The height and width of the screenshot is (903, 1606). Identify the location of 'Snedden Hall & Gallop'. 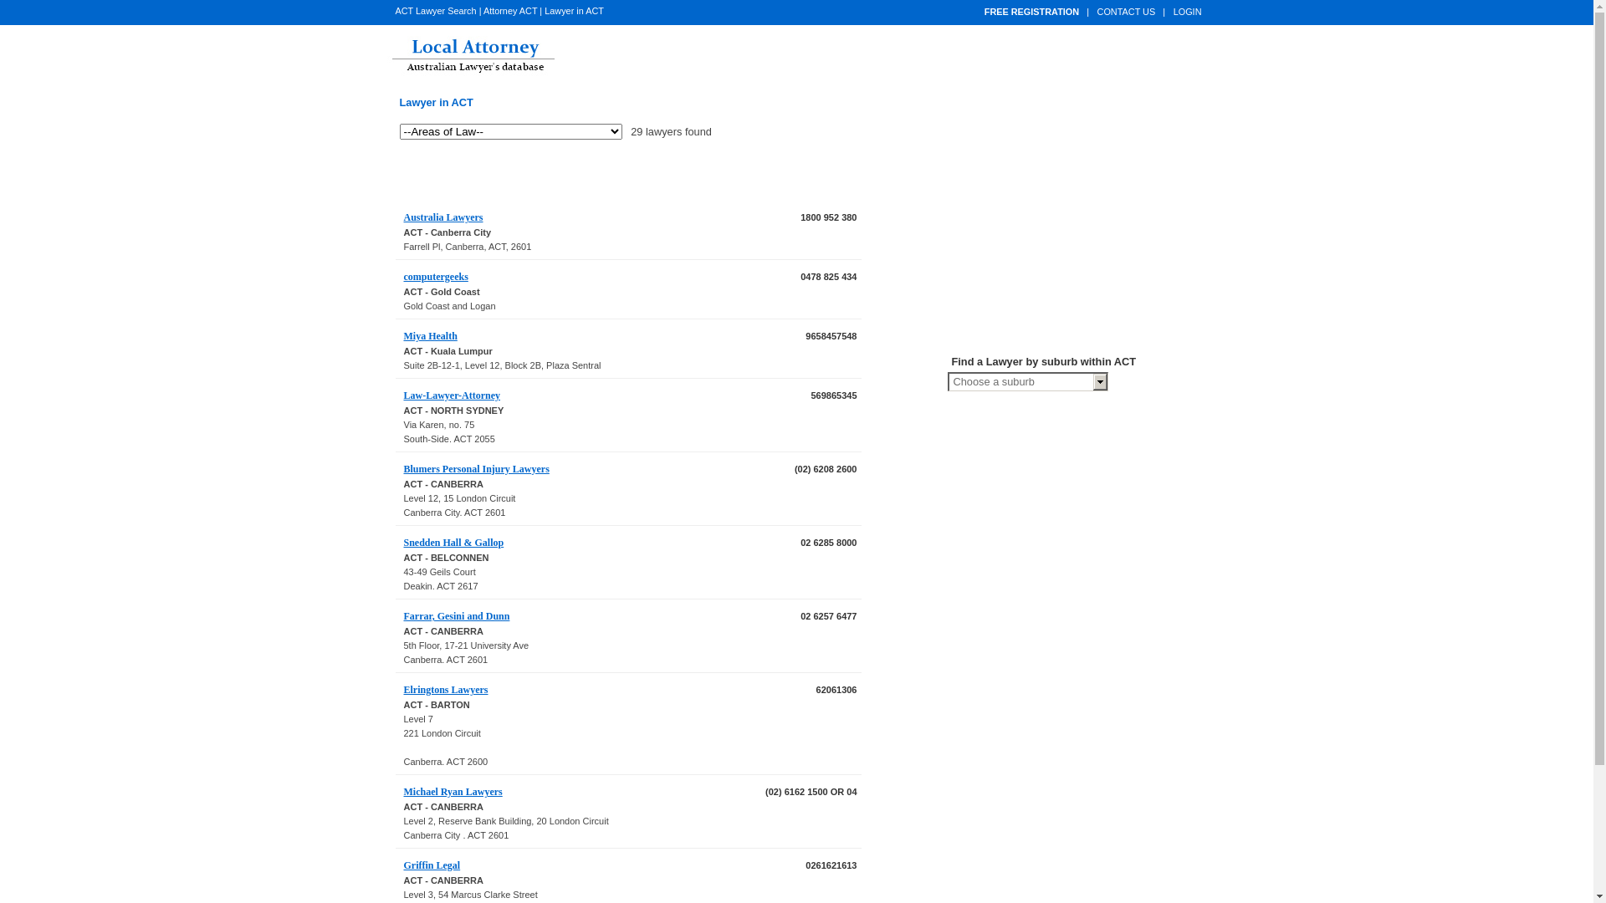
(402, 542).